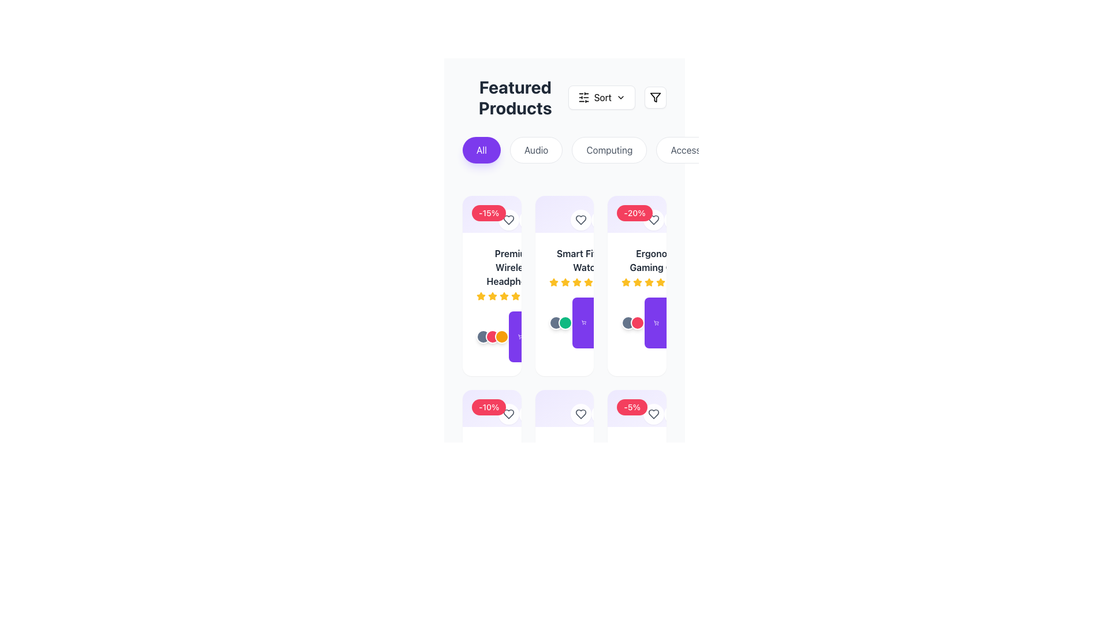 This screenshot has height=624, width=1109. I want to click on the heart icon button located in the top-right corner of the product card in the third column of the product grid, so click(508, 414).